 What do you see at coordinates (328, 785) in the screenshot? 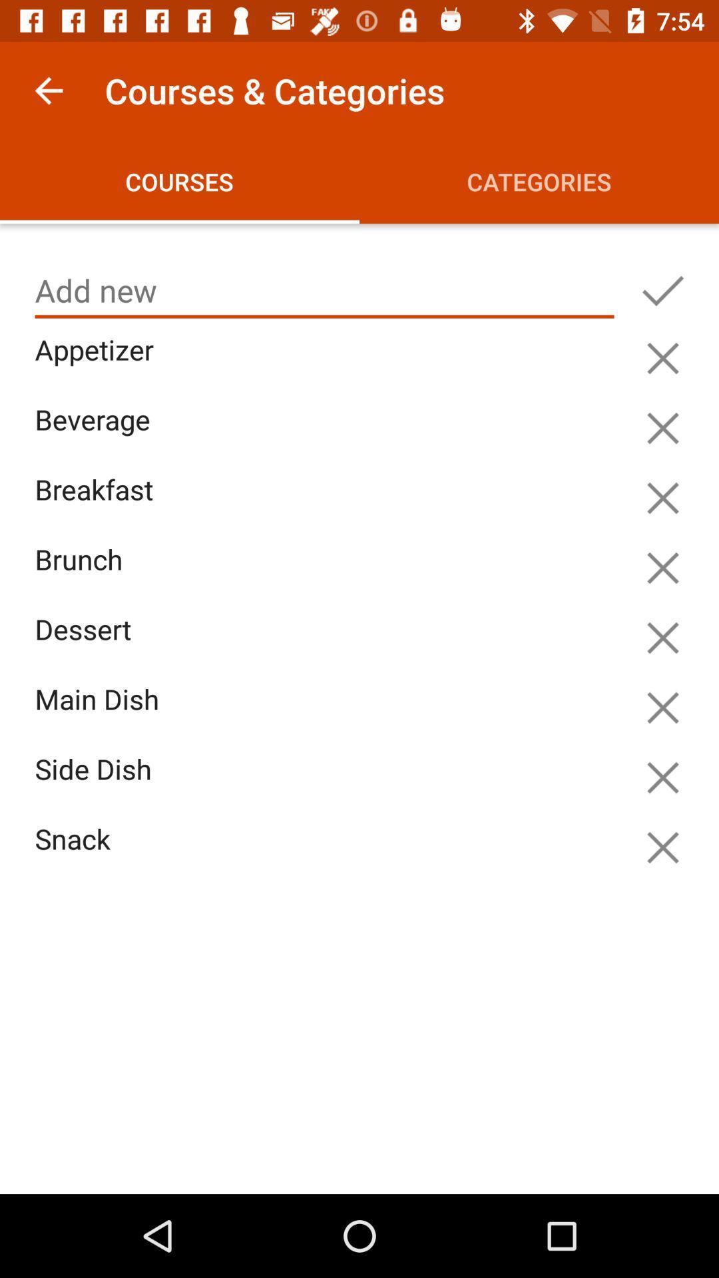
I see `icon below main dish` at bounding box center [328, 785].